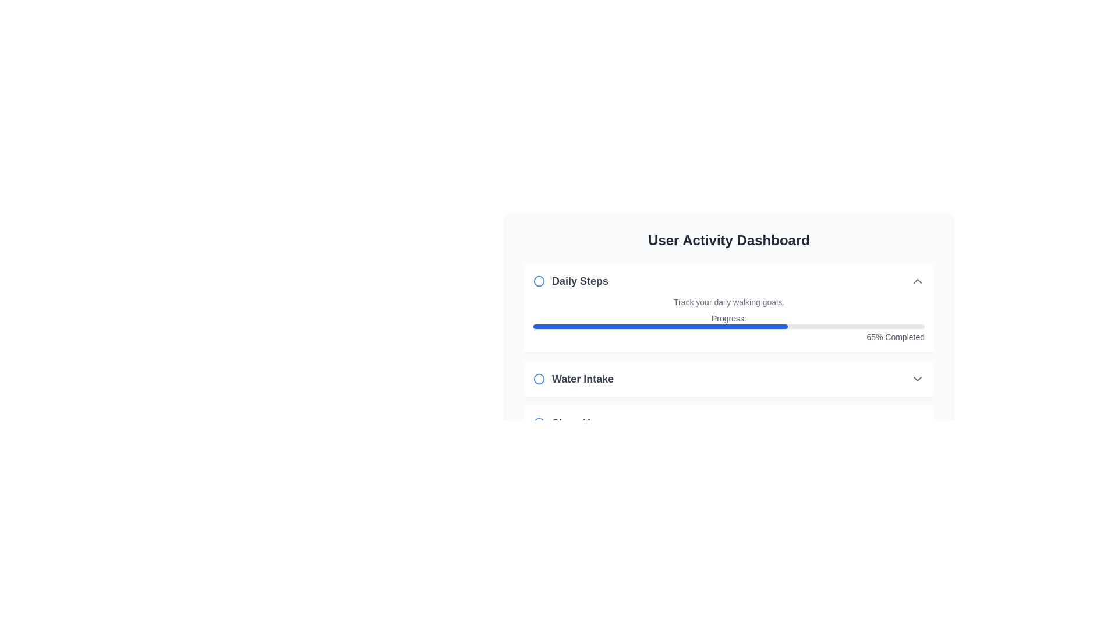  Describe the element at coordinates (917, 281) in the screenshot. I see `the upward-facing chevron icon button (chevron-up) located at the upper right corner of the 'Daily Steps' section in the 'User Activity Dashboard' to change its appearance` at that location.